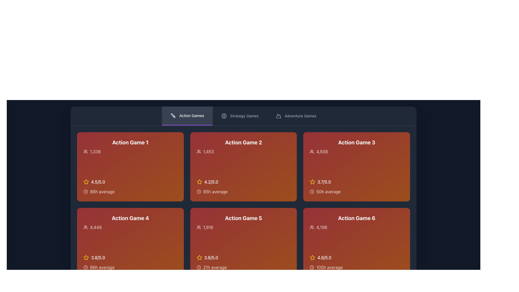 The width and height of the screenshot is (519, 292). Describe the element at coordinates (312, 191) in the screenshot. I see `the circular graphic element that represents the clock face in the clock icon located in the third card of the grid layout under 'Action Game 3'` at that location.